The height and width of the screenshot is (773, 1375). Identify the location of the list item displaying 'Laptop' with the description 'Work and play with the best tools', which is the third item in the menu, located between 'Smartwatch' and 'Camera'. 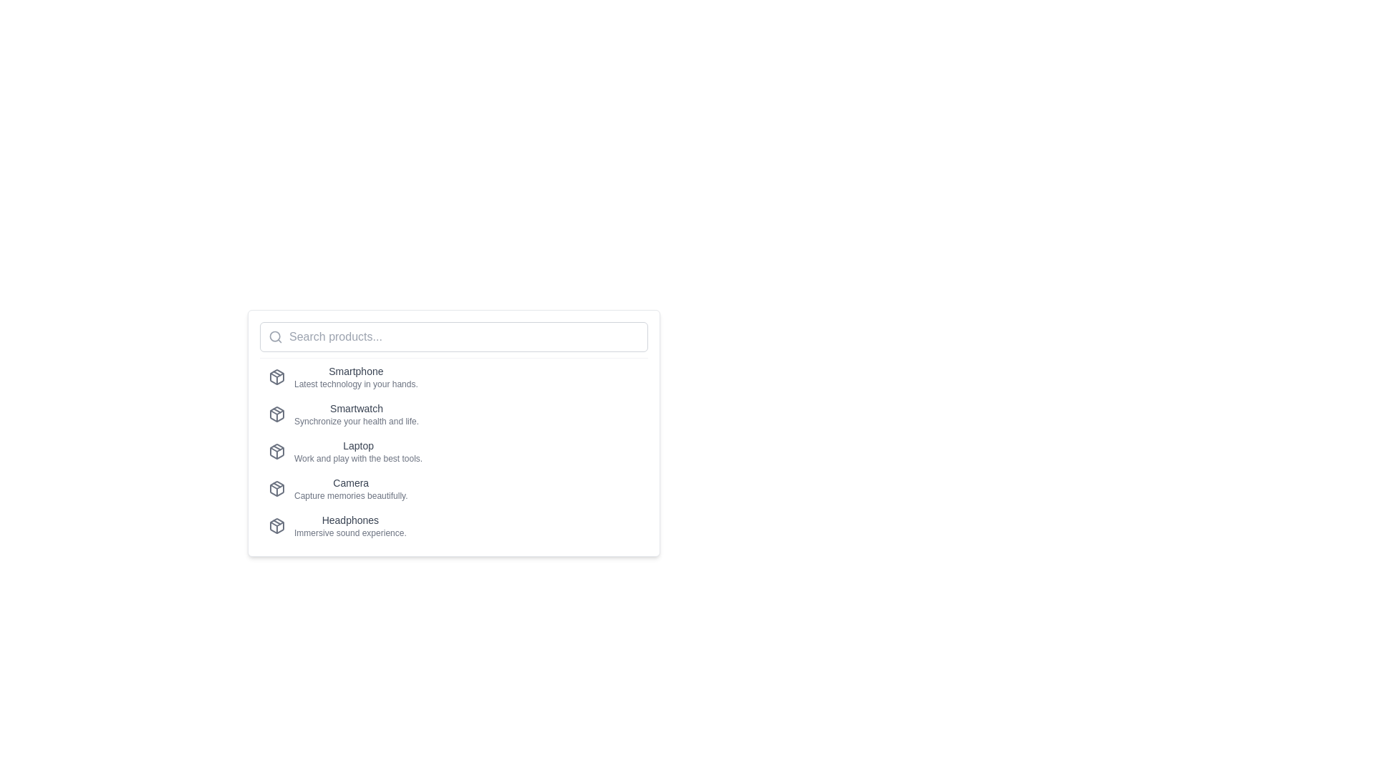
(358, 452).